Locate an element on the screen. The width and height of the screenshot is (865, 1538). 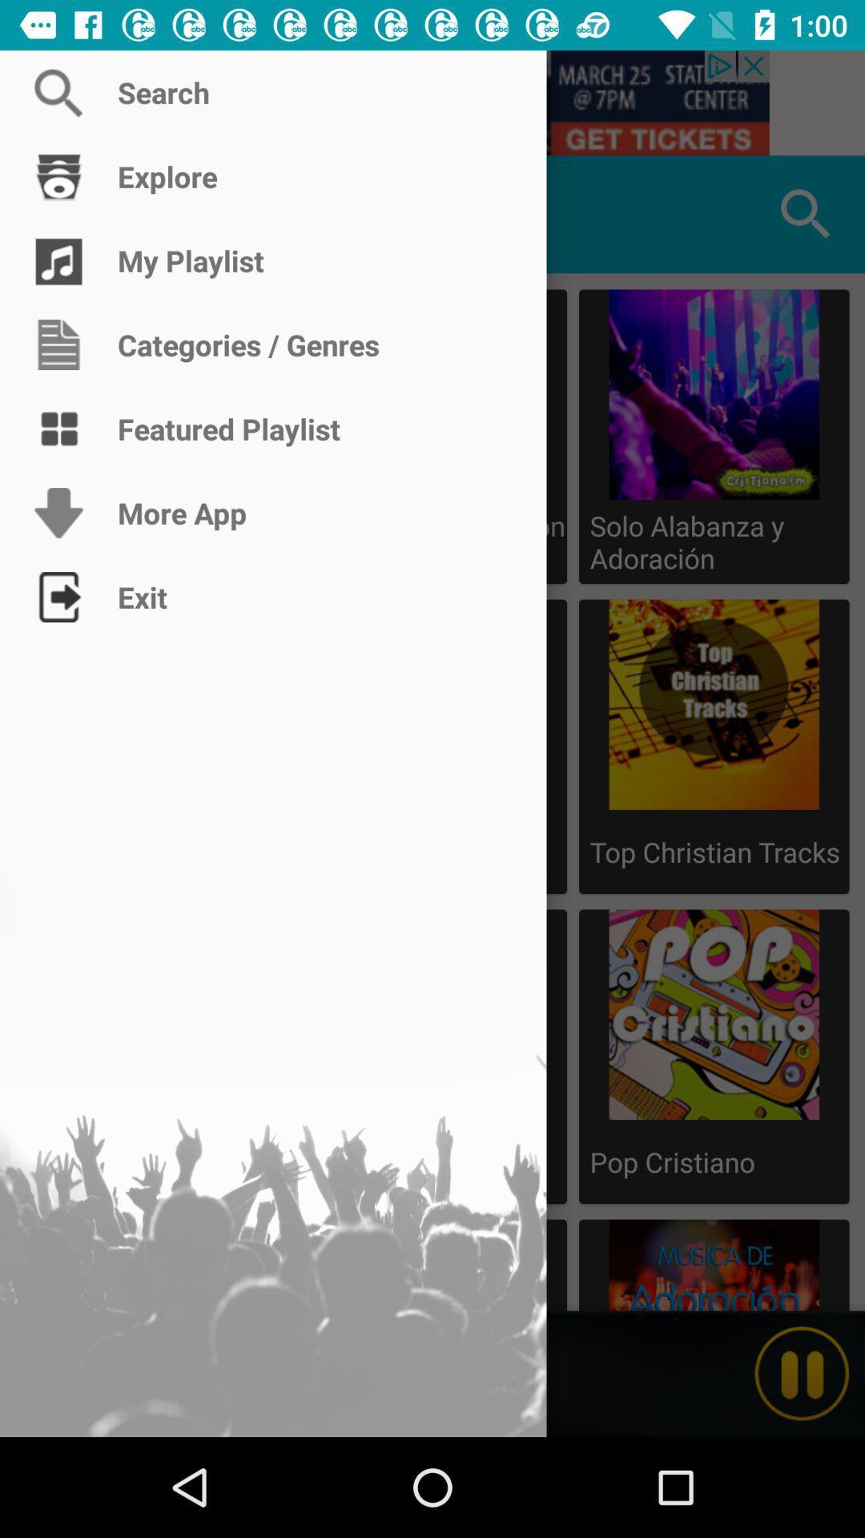
stop playing audio is located at coordinates (802, 1373).